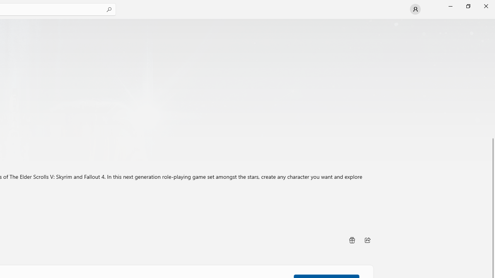  I want to click on 'Close Microsoft Store', so click(485, 6).